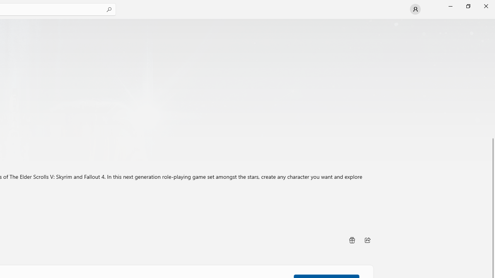  I want to click on 'Close Microsoft Store', so click(485, 6).